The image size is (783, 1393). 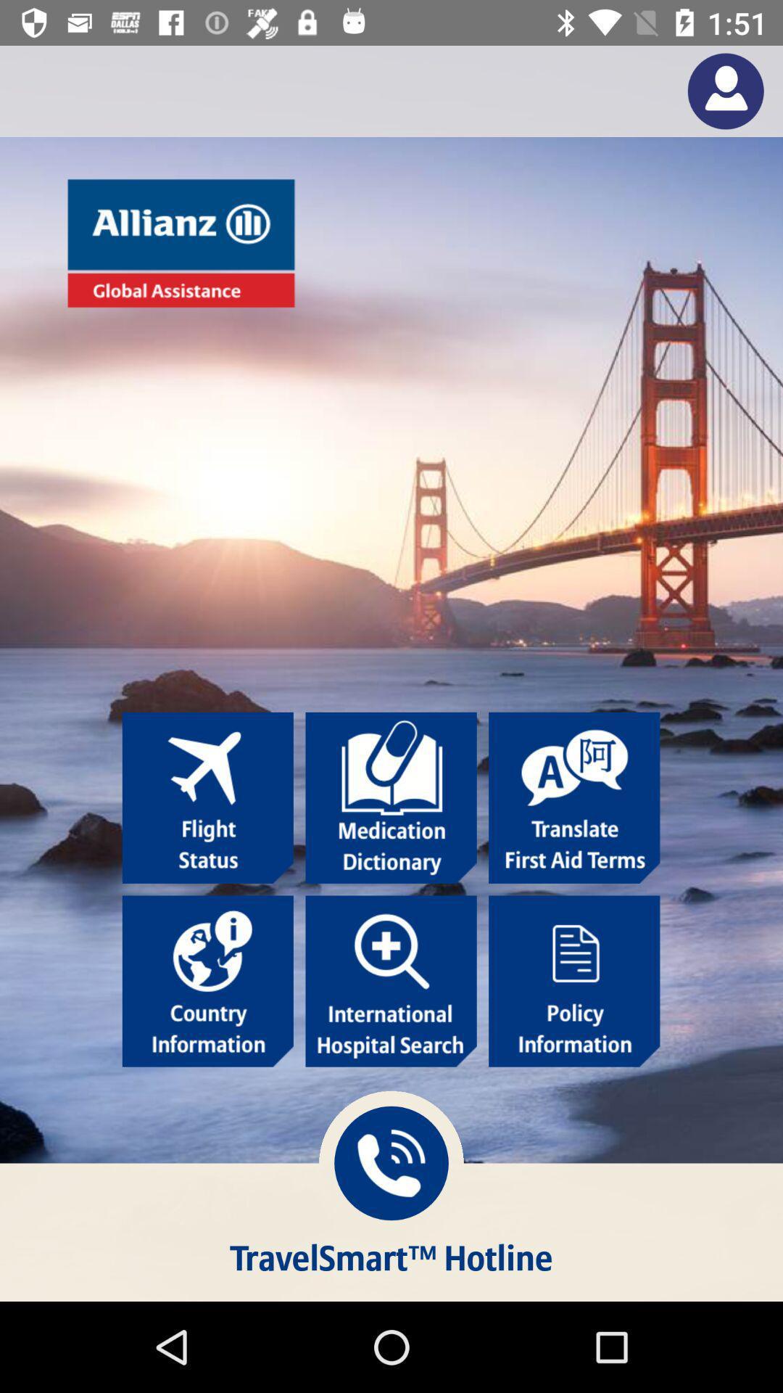 What do you see at coordinates (573, 981) in the screenshot?
I see `display policy information` at bounding box center [573, 981].